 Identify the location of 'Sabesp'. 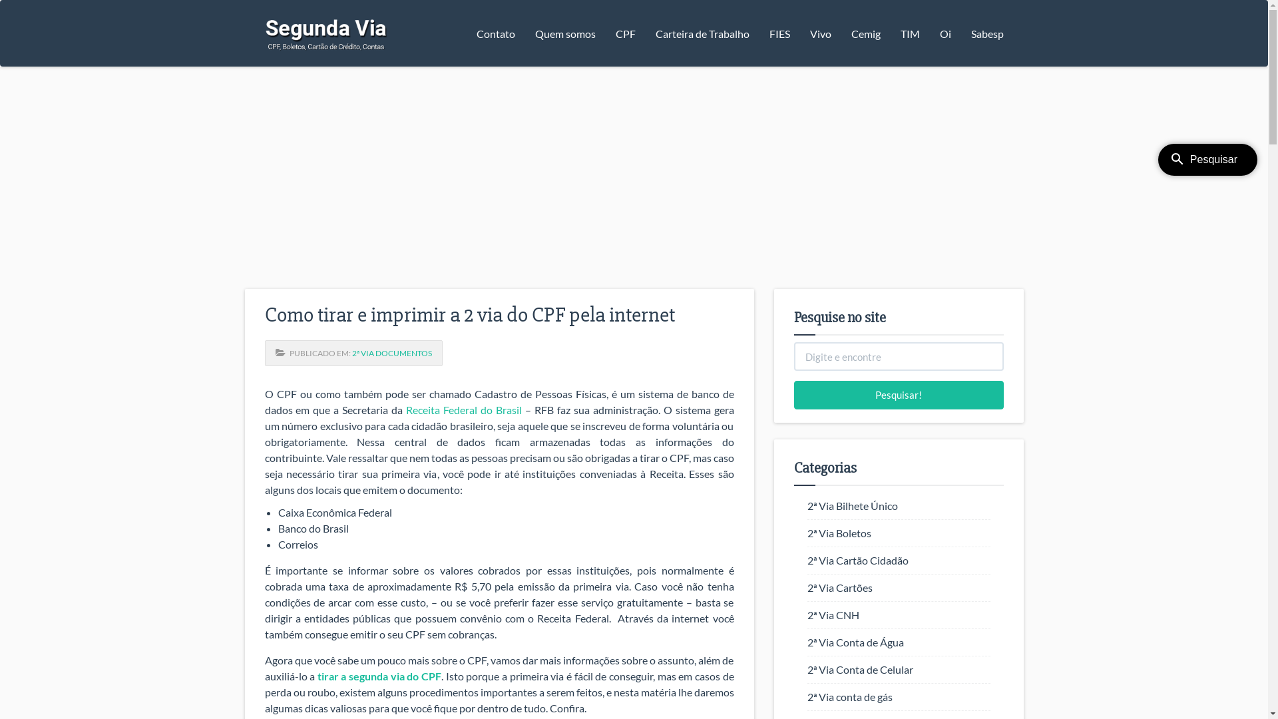
(987, 33).